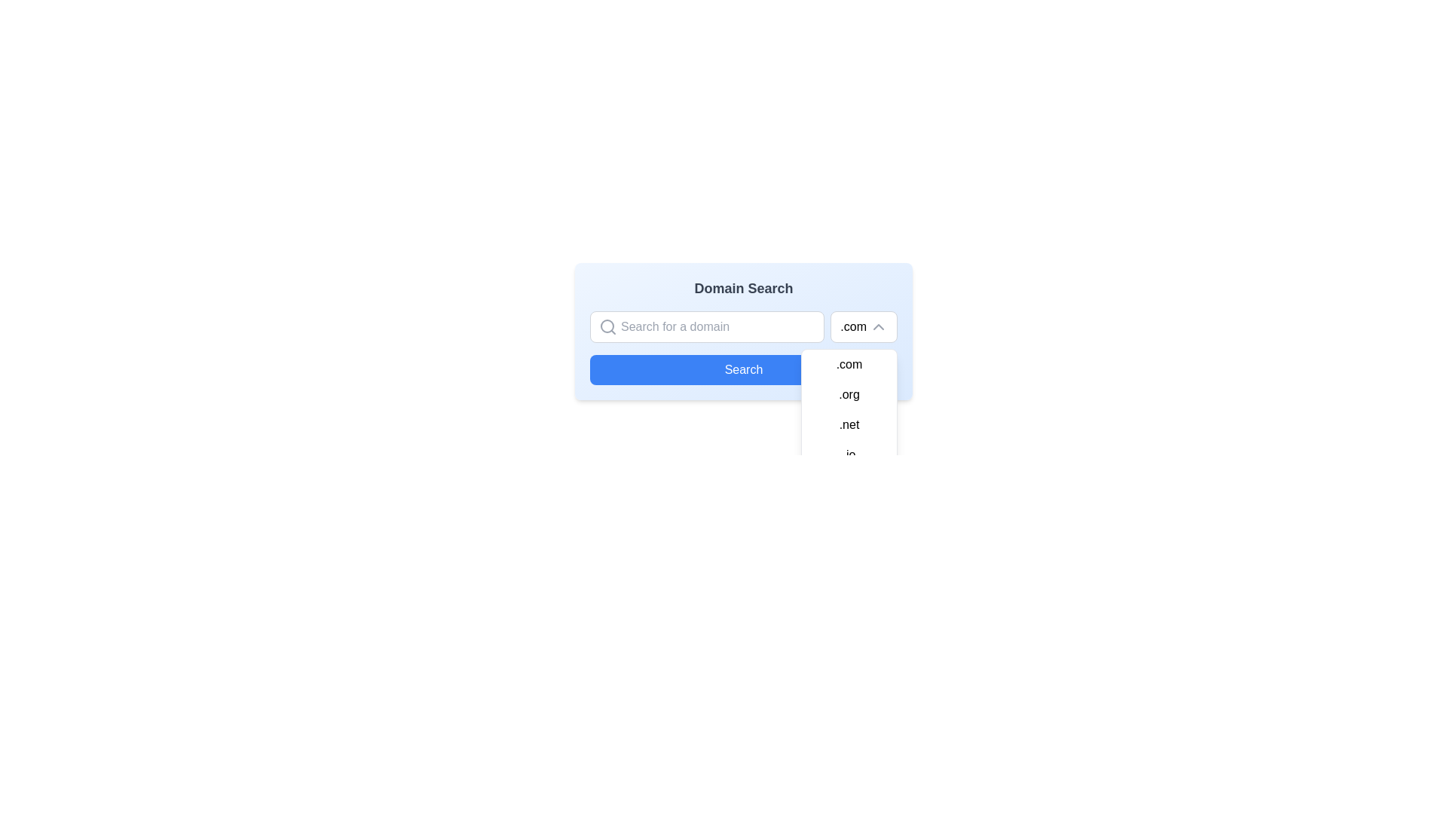  I want to click on the submission button located below the input field and dropdown for the domain search functionality to initiate the search process, so click(744, 369).